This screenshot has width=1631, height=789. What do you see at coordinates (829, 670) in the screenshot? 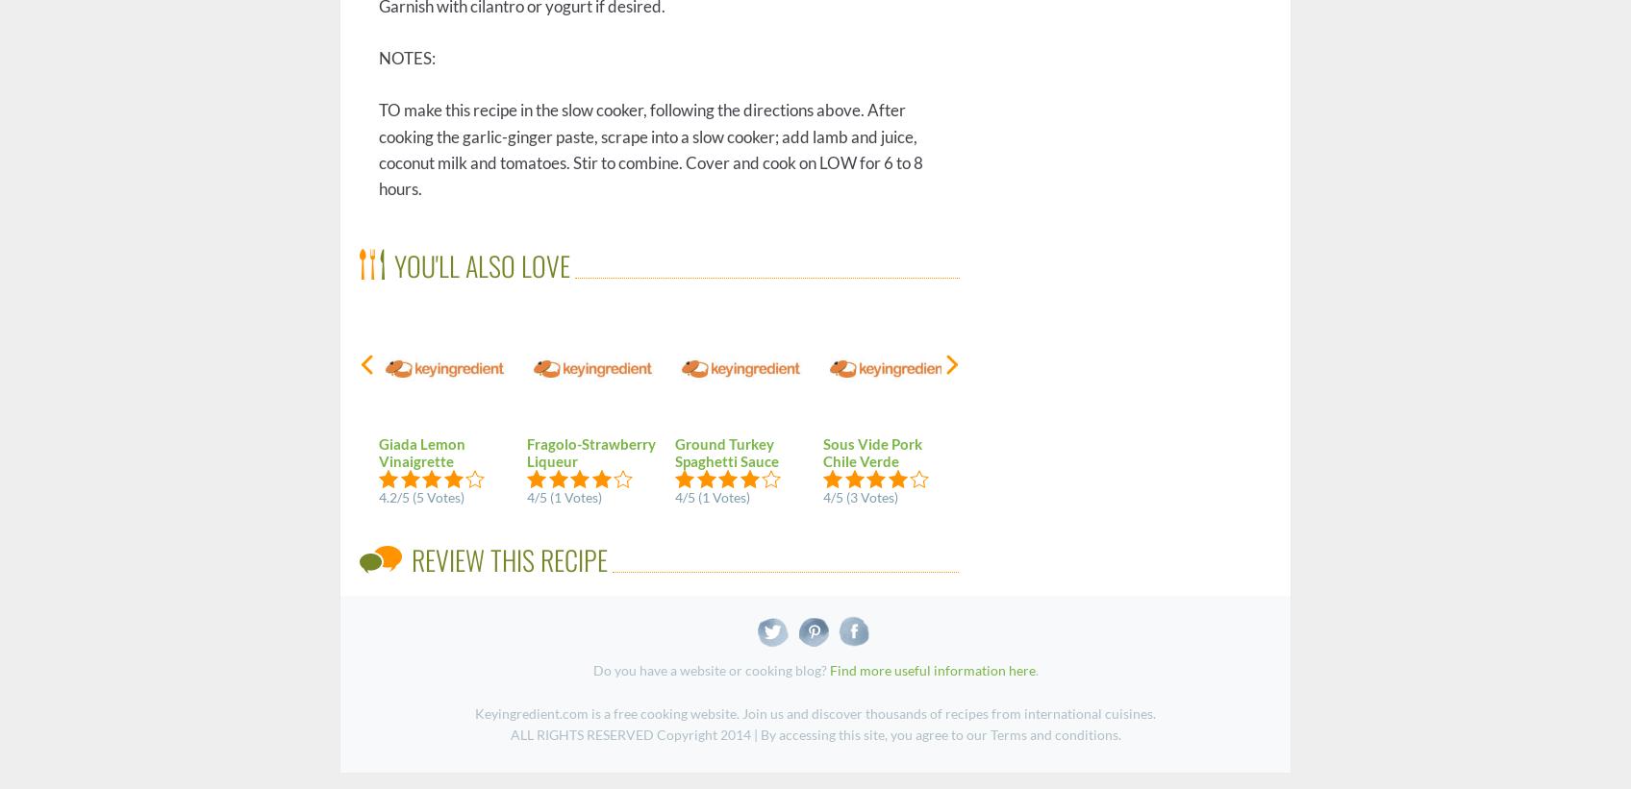
I see `'Find more useful information here'` at bounding box center [829, 670].